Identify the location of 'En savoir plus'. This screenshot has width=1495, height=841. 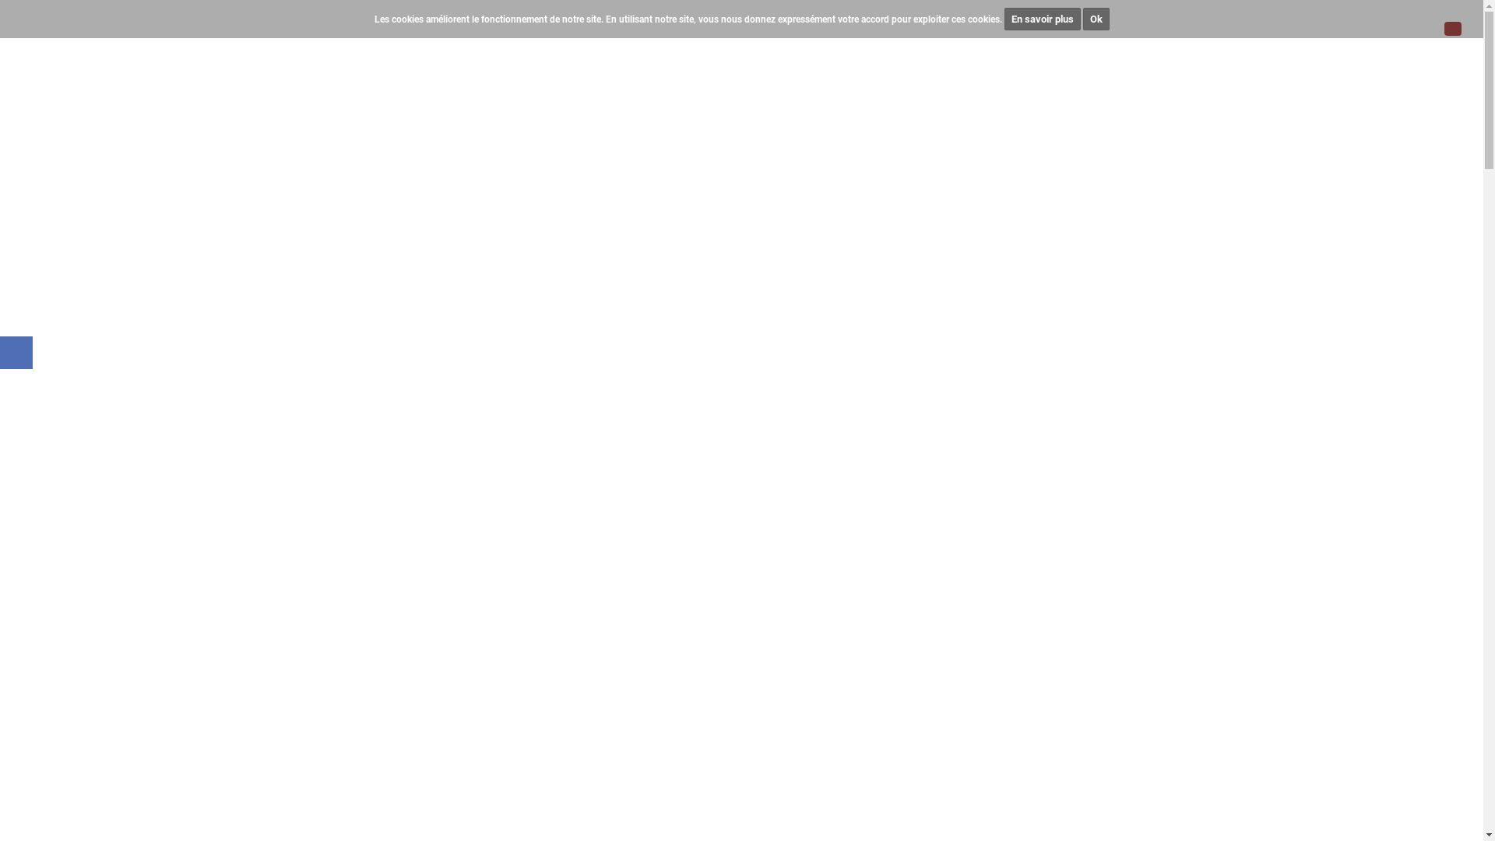
(1043, 19).